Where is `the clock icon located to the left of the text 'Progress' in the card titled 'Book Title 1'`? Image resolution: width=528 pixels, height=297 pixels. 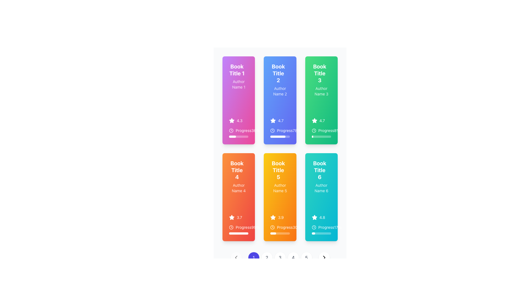
the clock icon located to the left of the text 'Progress' in the card titled 'Book Title 1' is located at coordinates (231, 130).